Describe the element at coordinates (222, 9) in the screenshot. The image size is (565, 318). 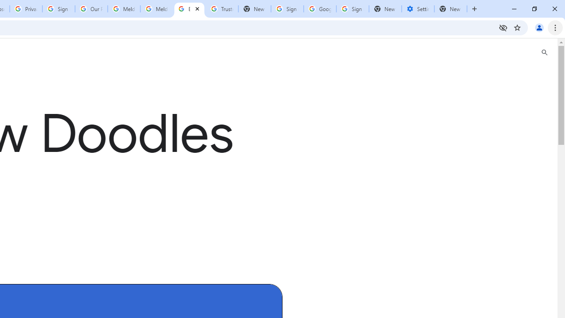
I see `'Trusted Information and Content - Google Safety Center'` at that location.